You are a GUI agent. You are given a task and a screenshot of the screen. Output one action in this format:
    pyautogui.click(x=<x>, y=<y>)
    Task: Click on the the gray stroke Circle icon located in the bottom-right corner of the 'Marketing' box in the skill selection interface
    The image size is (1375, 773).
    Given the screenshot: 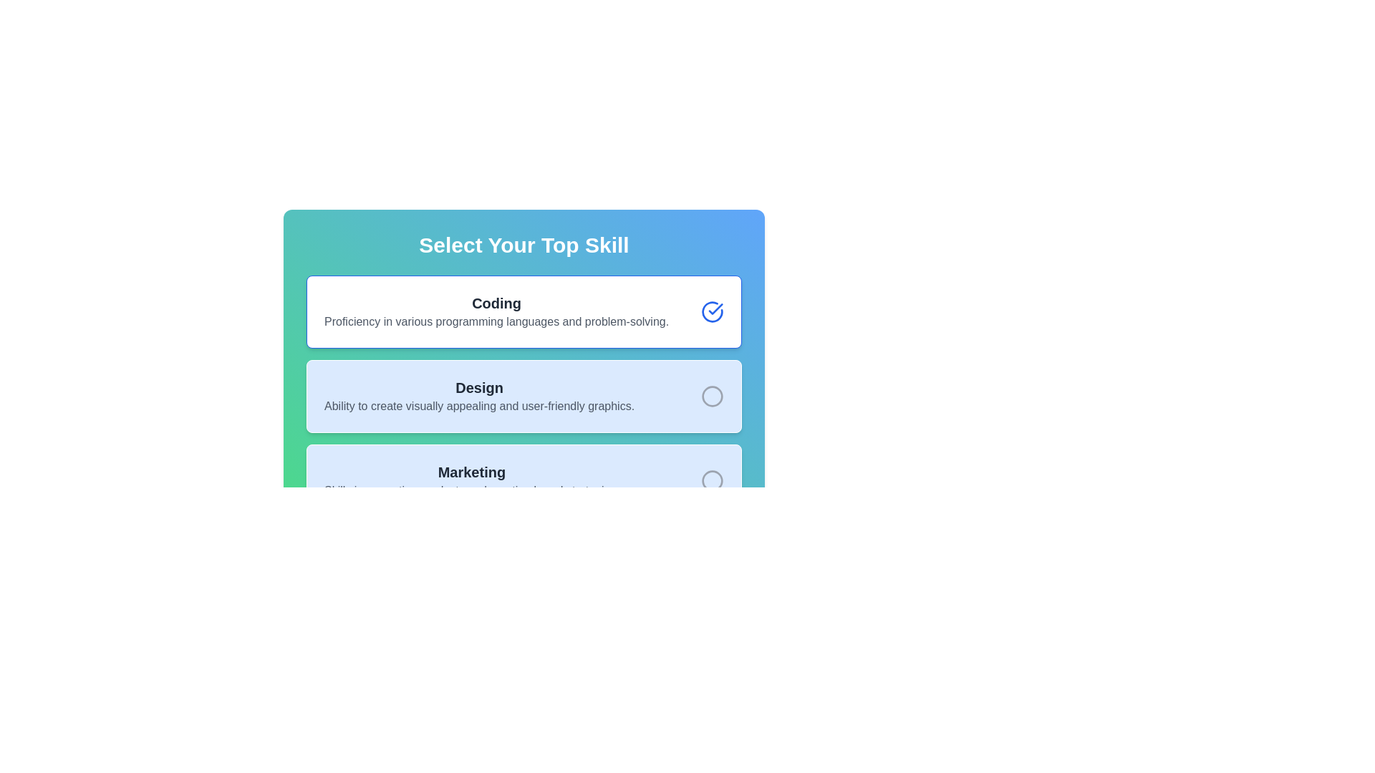 What is the action you would take?
    pyautogui.click(x=712, y=480)
    